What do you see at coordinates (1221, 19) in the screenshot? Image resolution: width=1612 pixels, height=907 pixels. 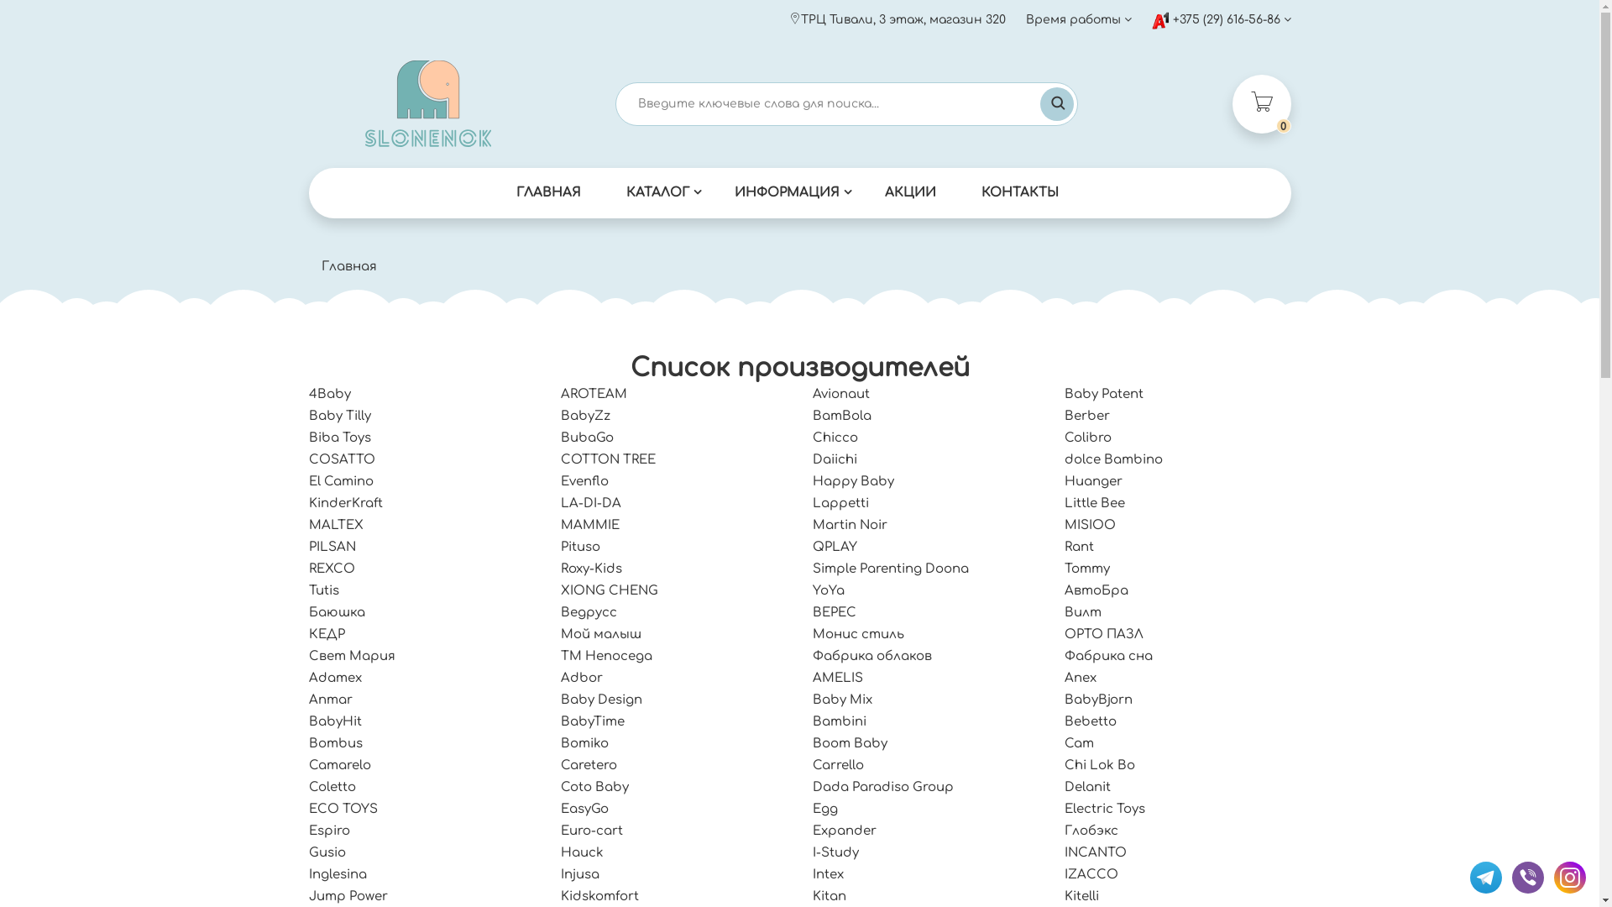 I see `'+375 (29) 616-56-86'` at bounding box center [1221, 19].